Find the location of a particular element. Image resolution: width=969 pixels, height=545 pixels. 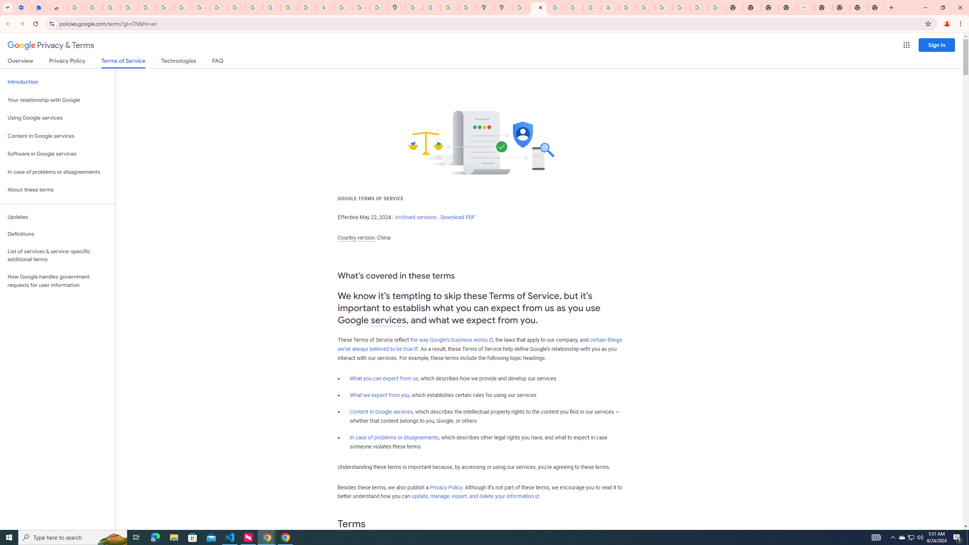

'Software in Google services' is located at coordinates (57, 153).